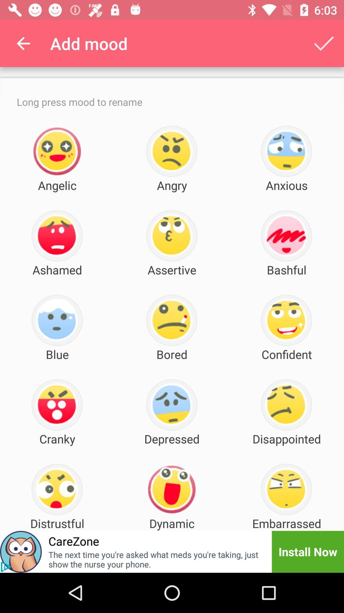  Describe the element at coordinates (6, 567) in the screenshot. I see `advertisement` at that location.